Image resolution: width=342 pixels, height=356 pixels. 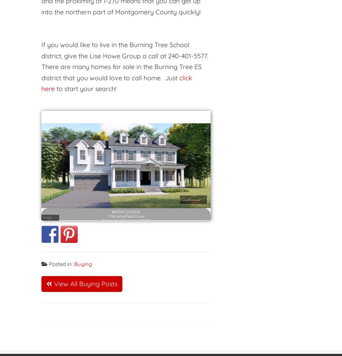 I want to click on '7516 Westfield Drive', so click(x=125, y=210).